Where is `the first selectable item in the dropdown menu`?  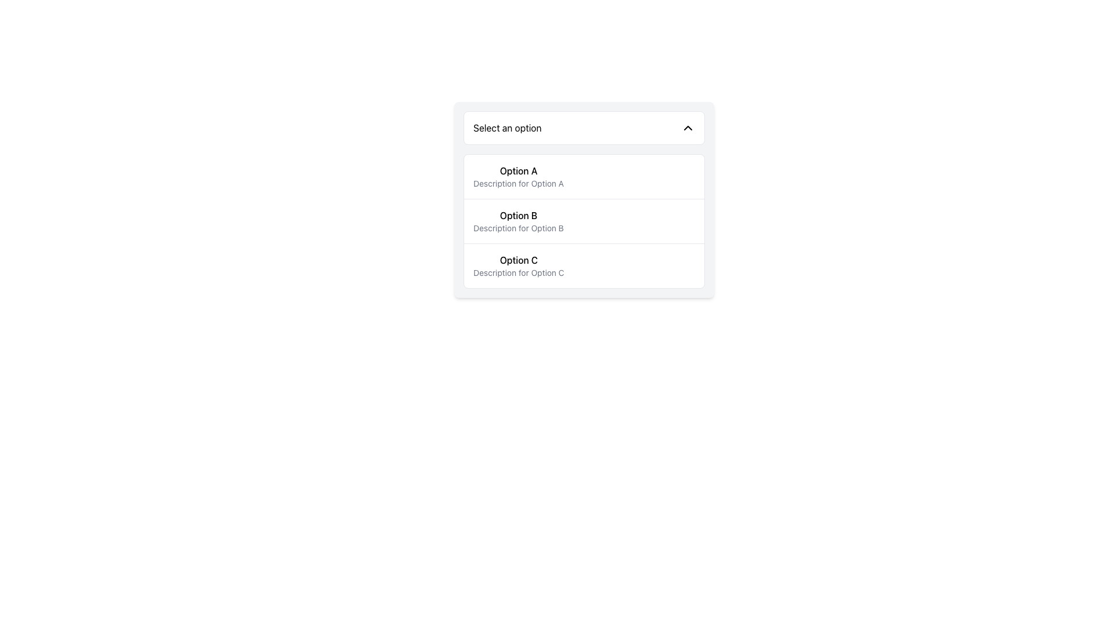 the first selectable item in the dropdown menu is located at coordinates (518, 176).